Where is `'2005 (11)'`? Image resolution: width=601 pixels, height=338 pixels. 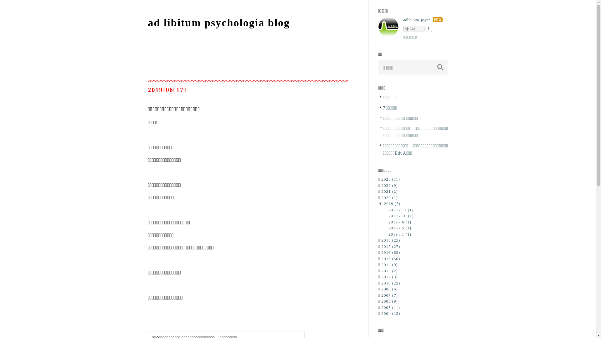 '2005 (11)' is located at coordinates (390, 307).